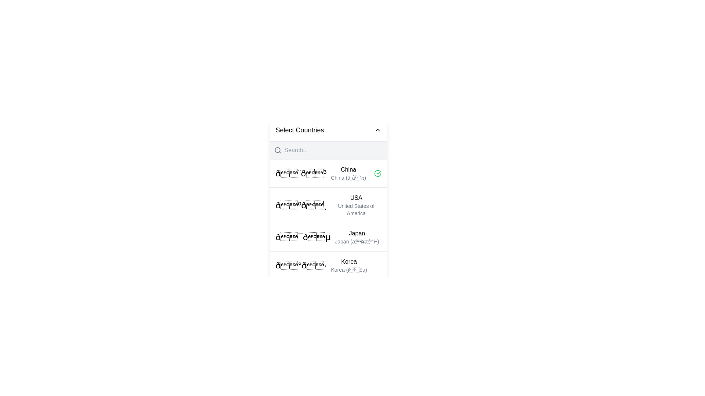 Image resolution: width=705 pixels, height=396 pixels. Describe the element at coordinates (303, 237) in the screenshot. I see `the visual icon representing Japan, which is located to the left of the 'Japan' text in the third row of the vertical list` at that location.